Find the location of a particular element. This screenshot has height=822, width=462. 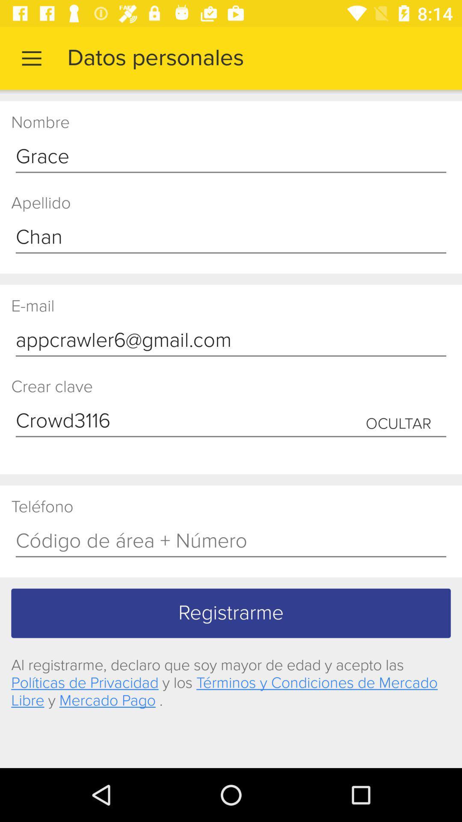

icon above the apellido is located at coordinates (231, 157).